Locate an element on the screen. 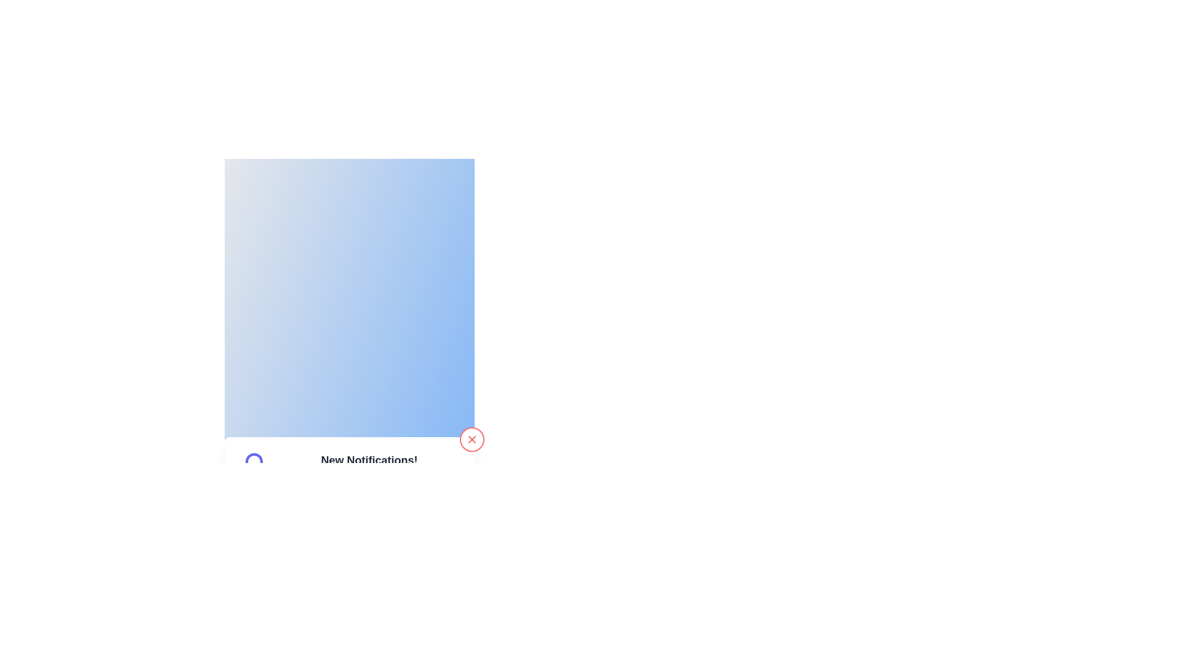 Image resolution: width=1182 pixels, height=665 pixels. the dismiss button located at the top-right corner of the notification card displaying 'New Notifications!' is located at coordinates (472, 438).